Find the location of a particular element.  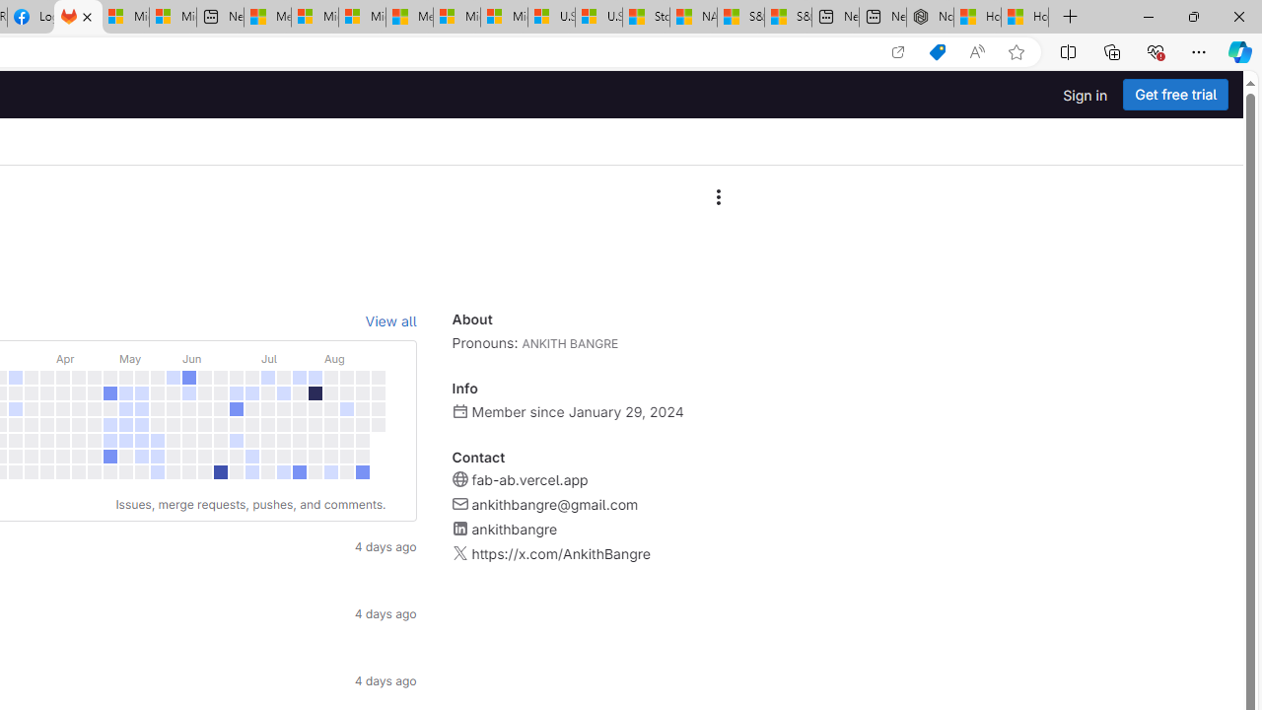

'ankithbangre' is located at coordinates (514, 529).